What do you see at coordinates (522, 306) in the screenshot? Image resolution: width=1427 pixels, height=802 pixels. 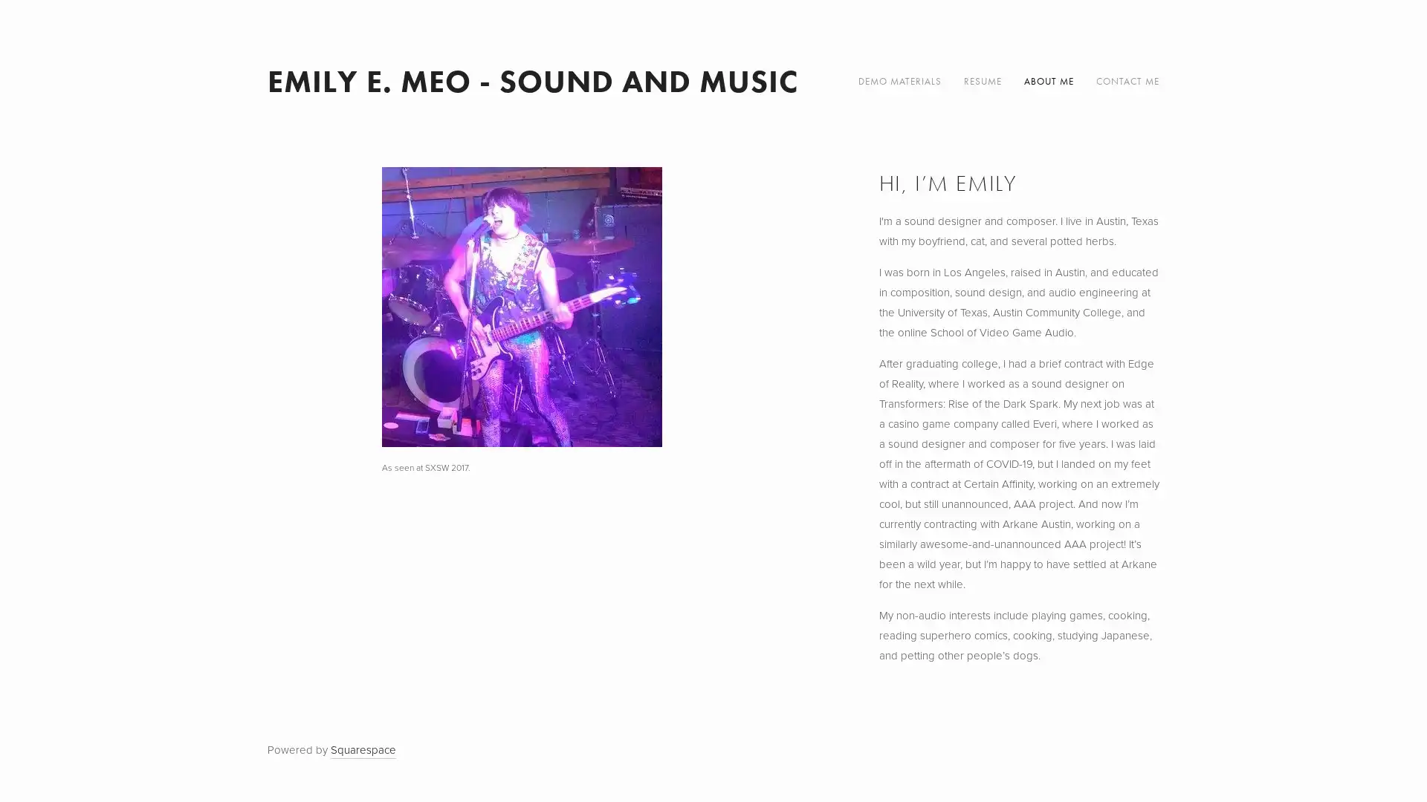 I see `View fullsize As seen at SXSW 2017.` at bounding box center [522, 306].